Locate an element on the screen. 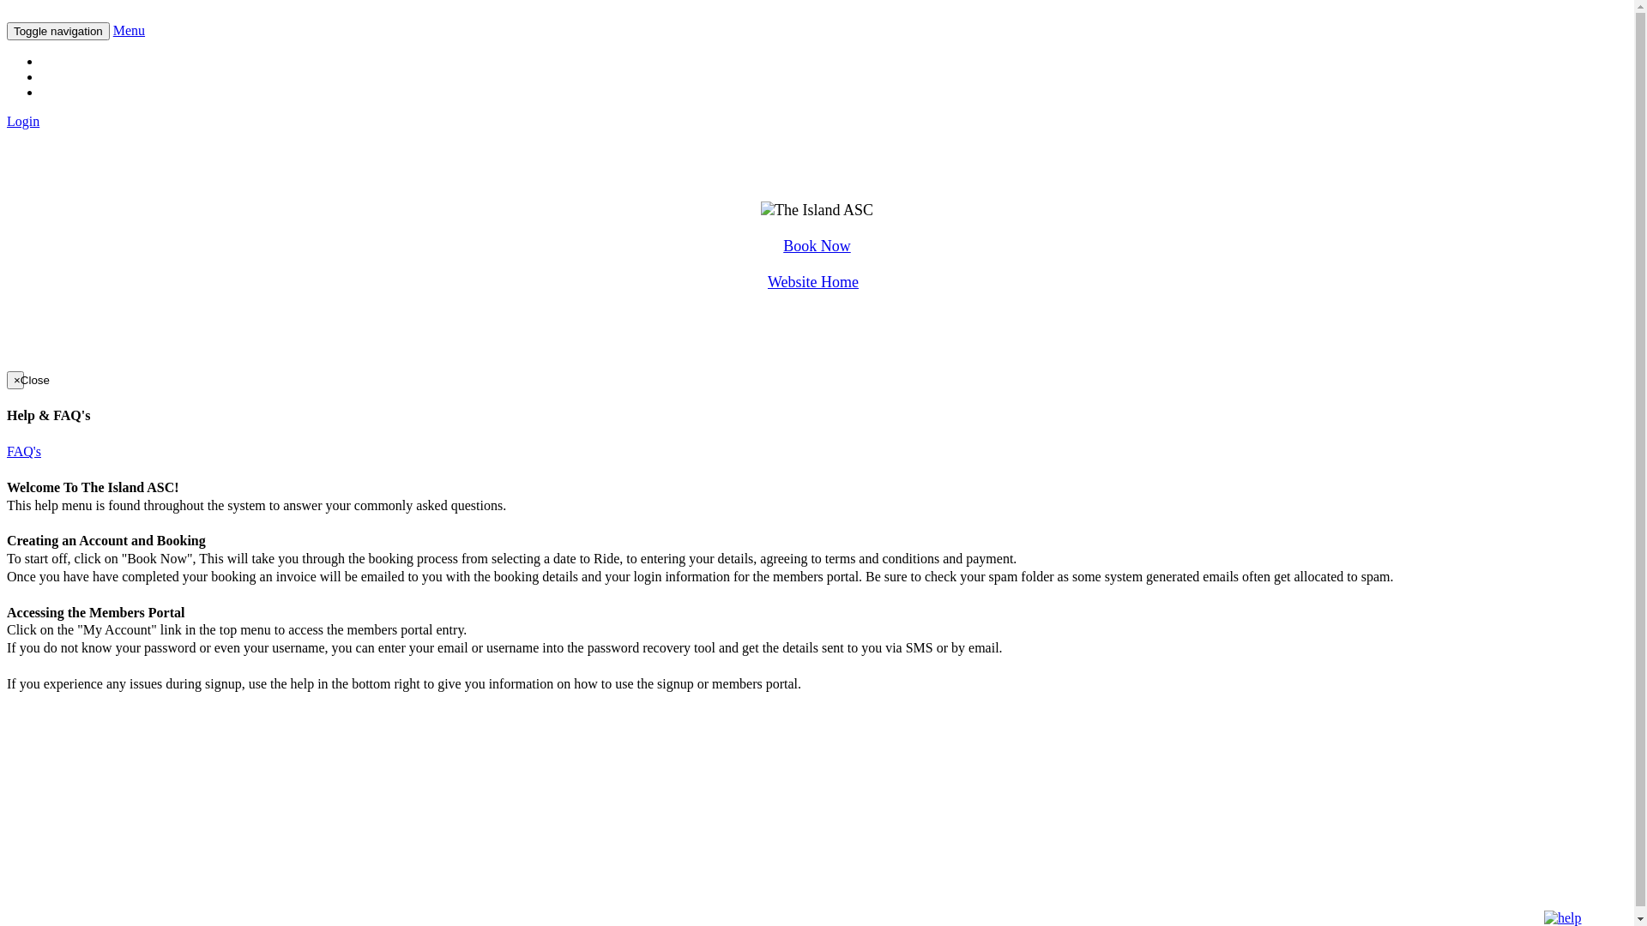  'My Account' is located at coordinates (74, 75).